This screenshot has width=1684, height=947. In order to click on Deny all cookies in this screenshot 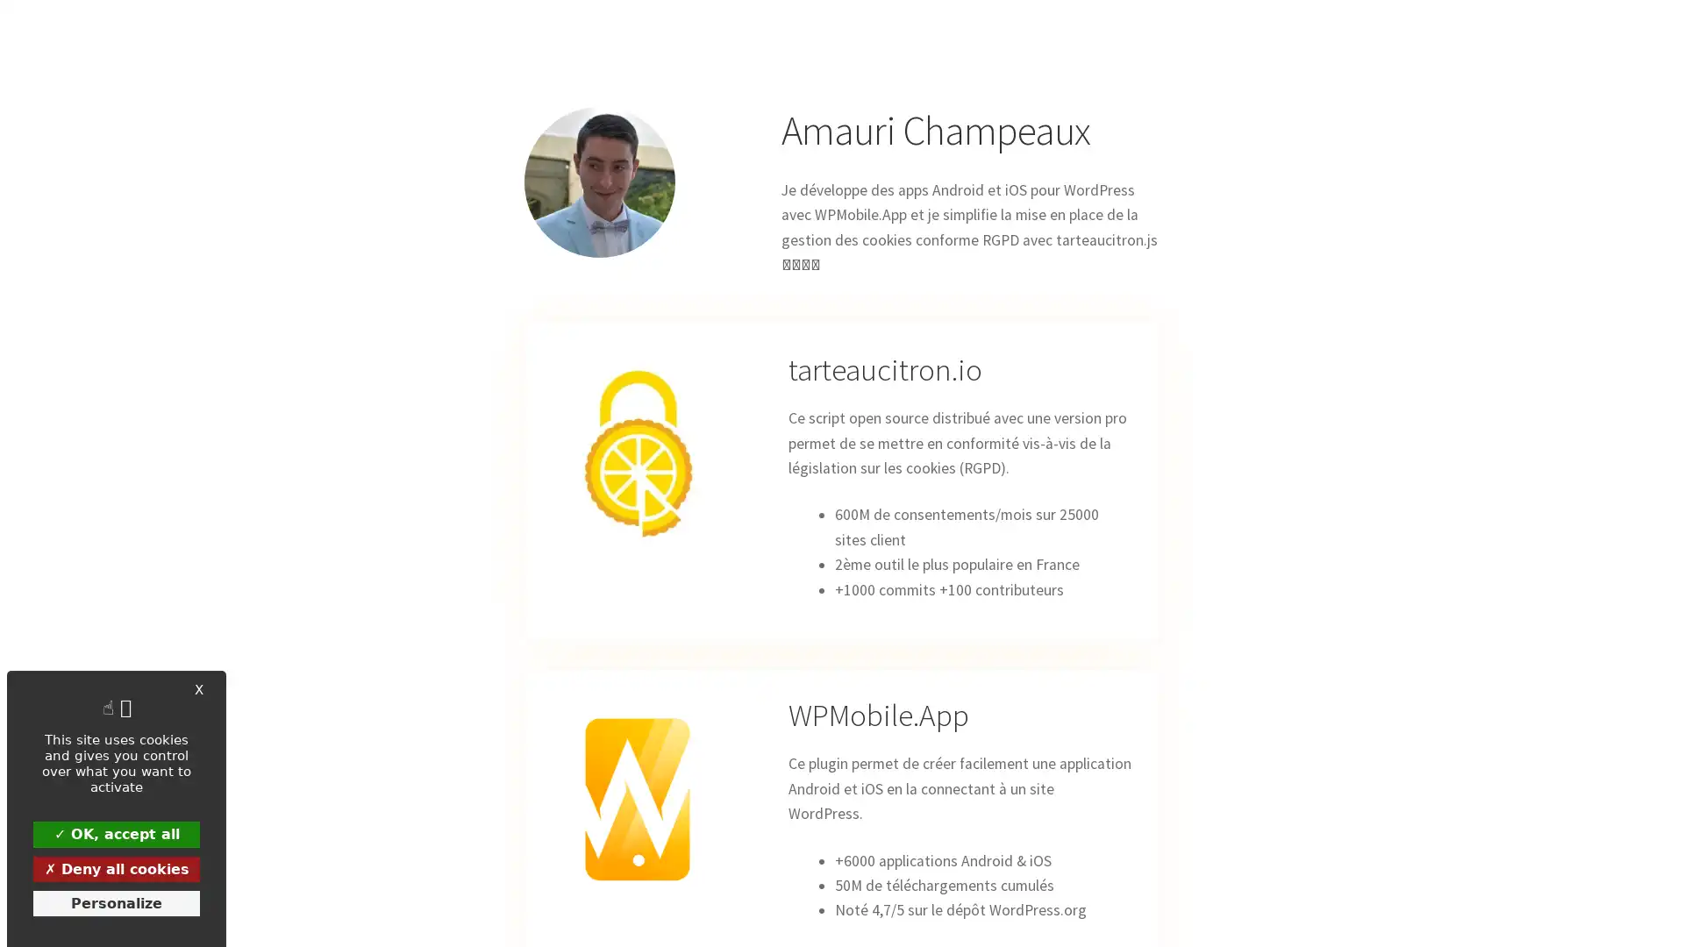, I will do `click(116, 868)`.